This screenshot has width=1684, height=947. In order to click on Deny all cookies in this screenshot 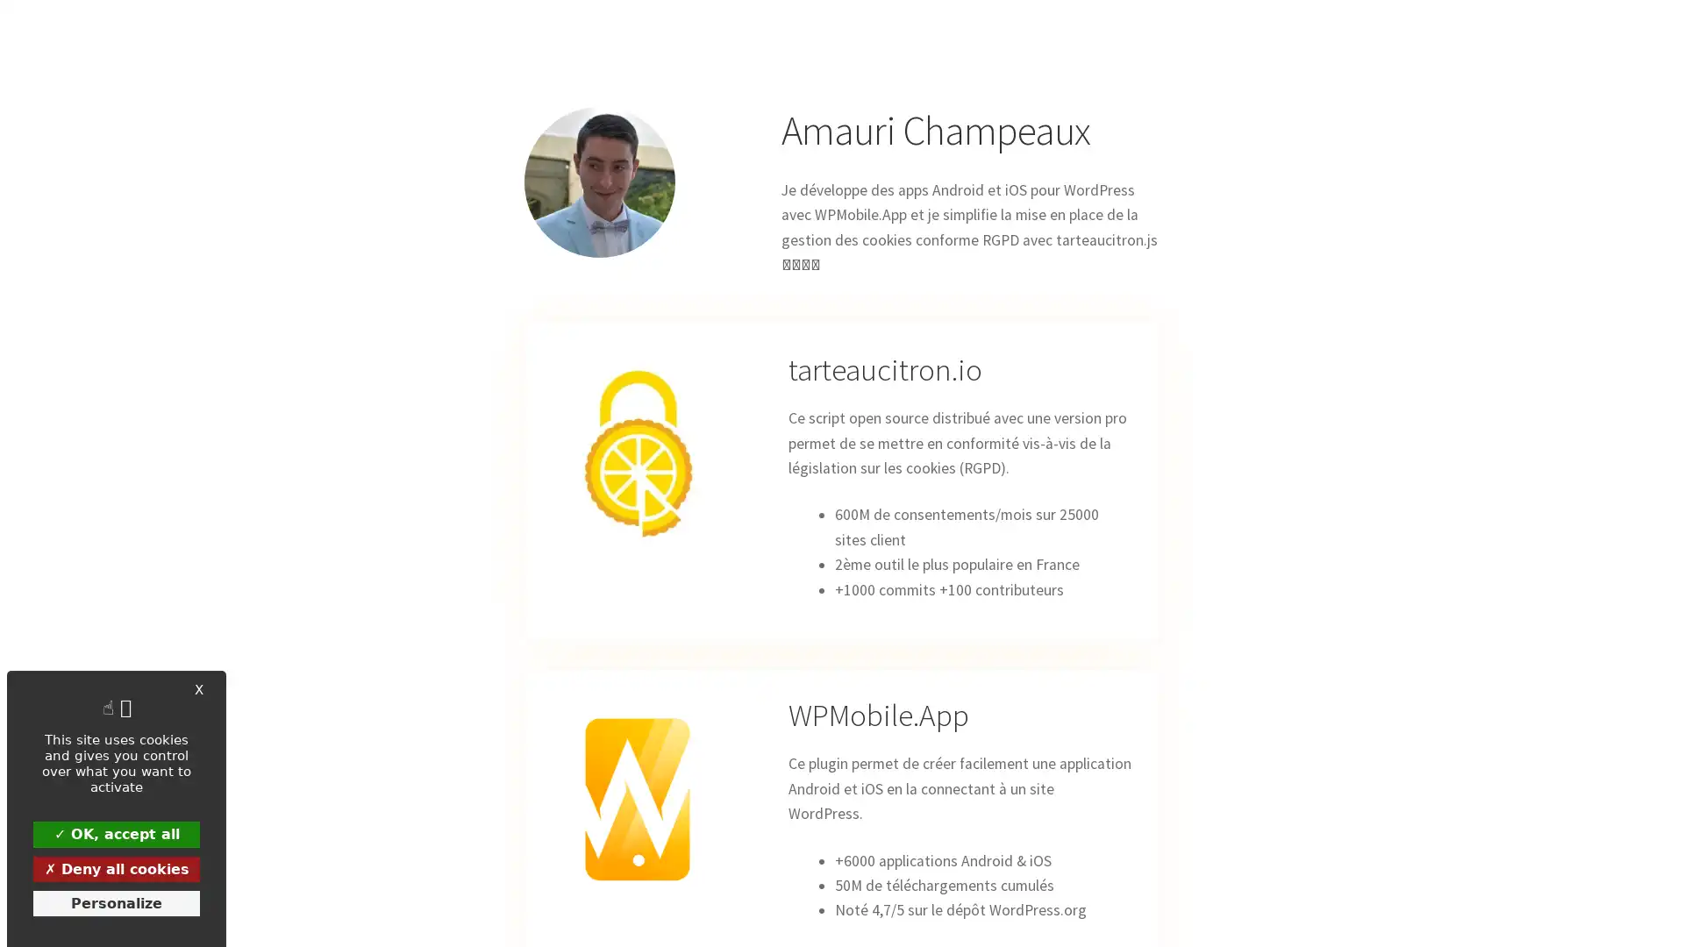, I will do `click(116, 868)`.